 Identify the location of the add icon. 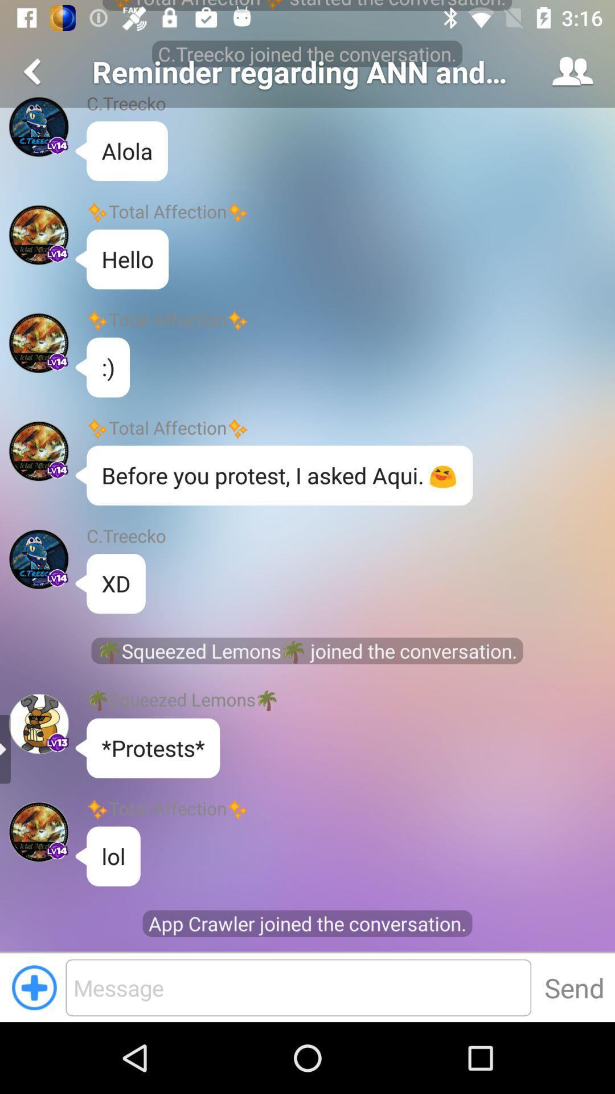
(34, 987).